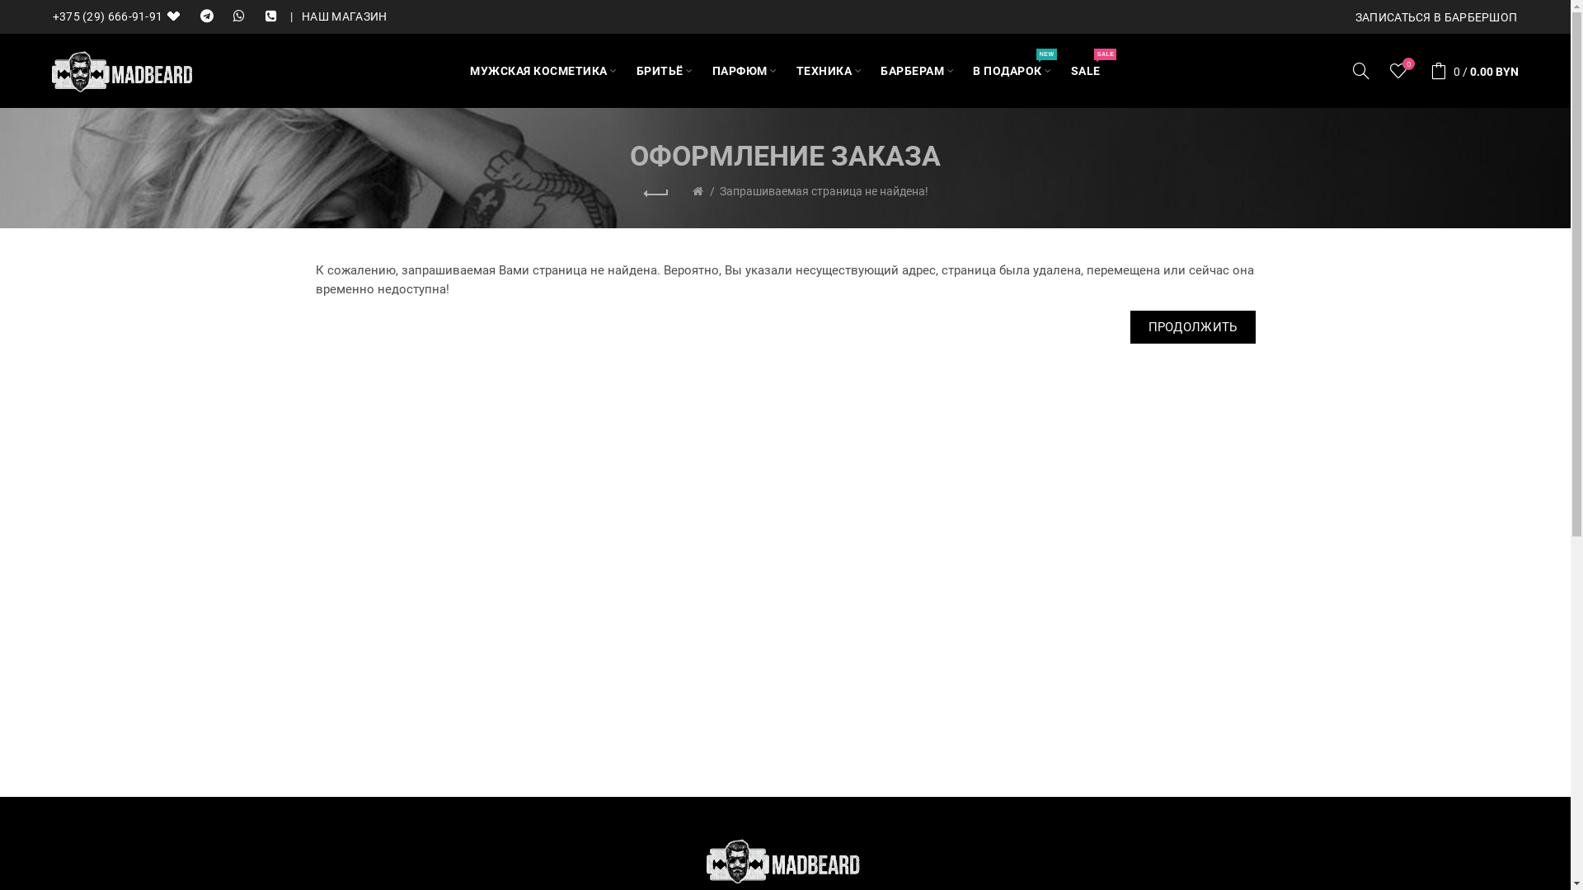  What do you see at coordinates (1399, 69) in the screenshot?
I see `'0'` at bounding box center [1399, 69].